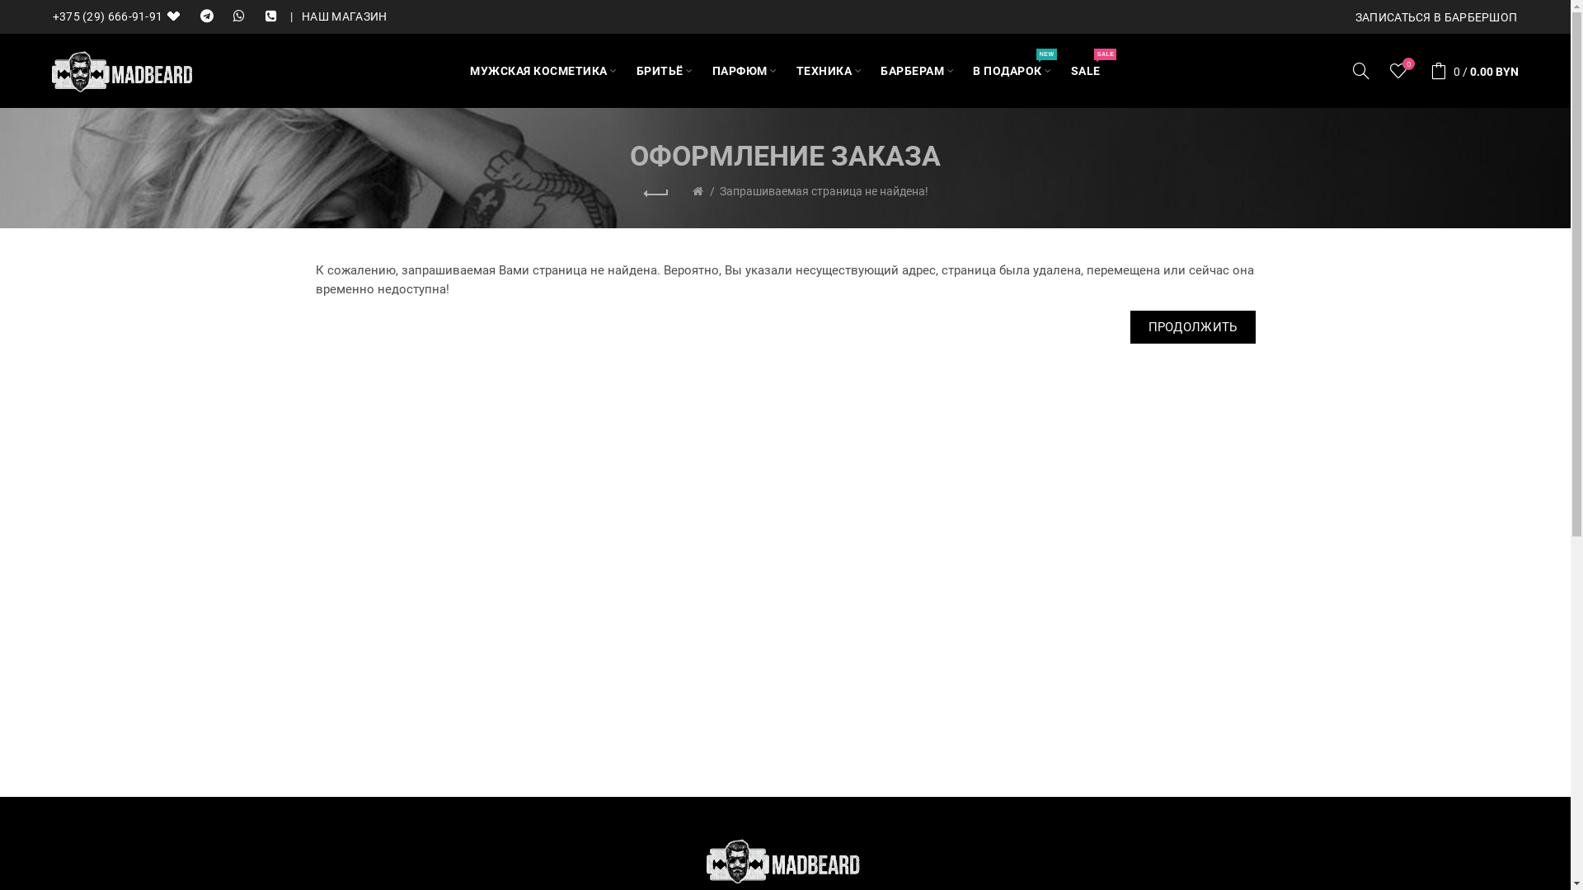  What do you see at coordinates (1399, 69) in the screenshot?
I see `'0'` at bounding box center [1399, 69].